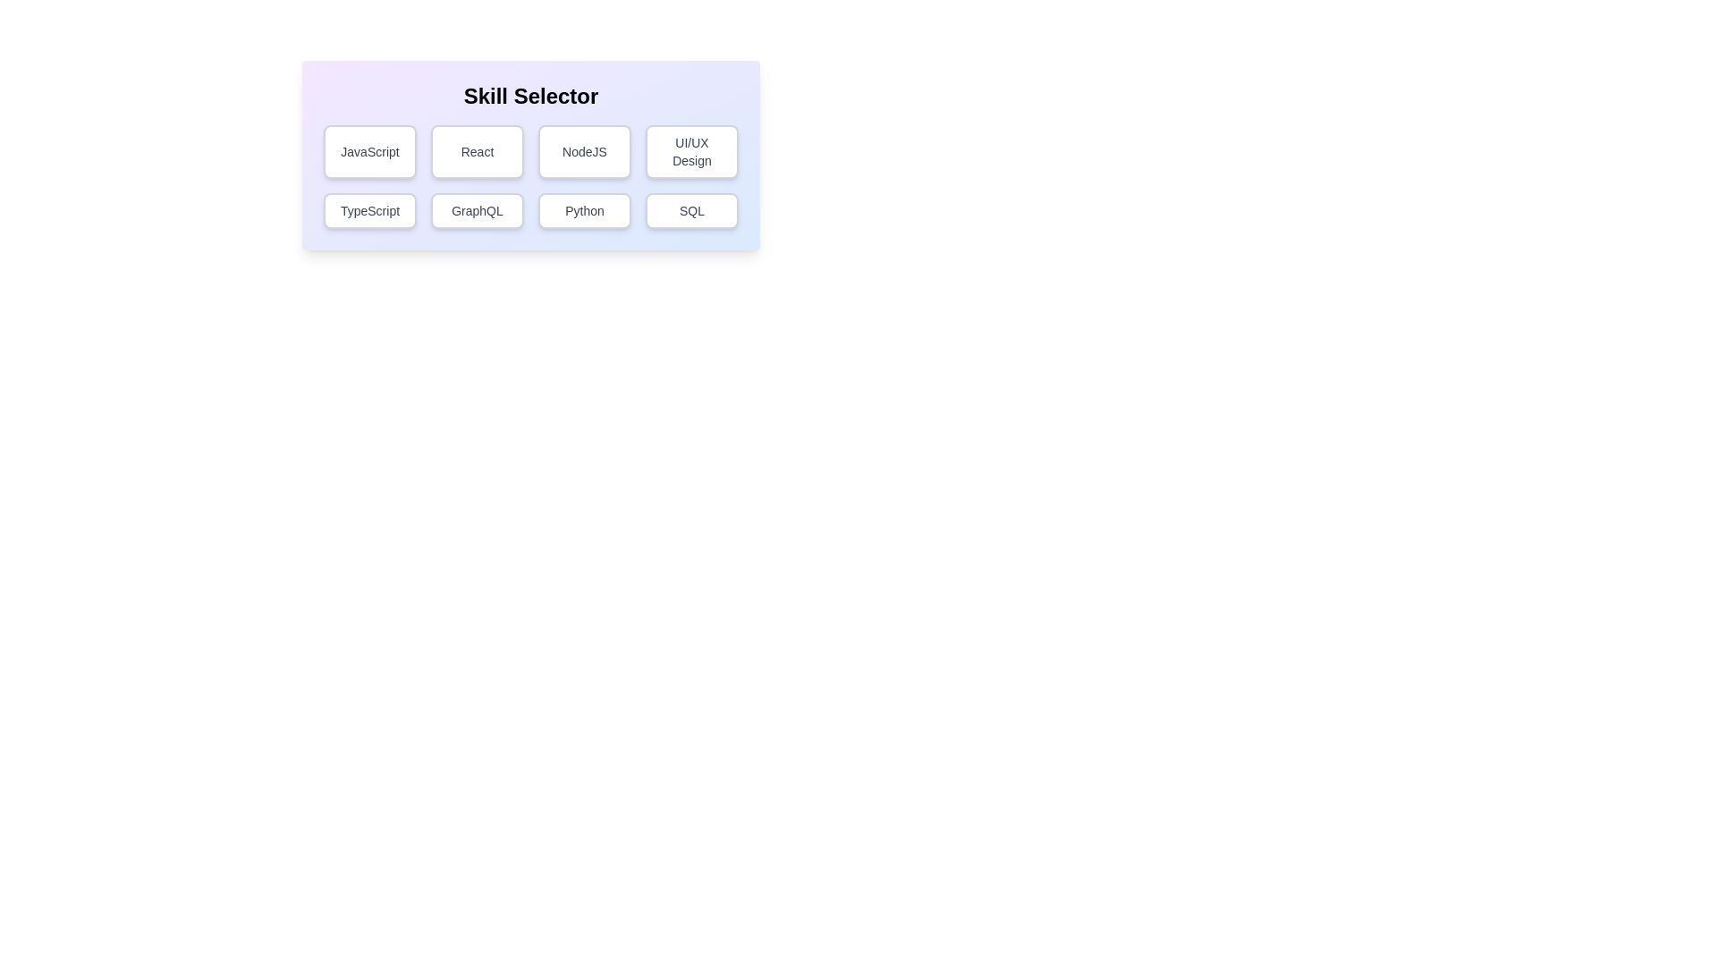 Image resolution: width=1717 pixels, height=966 pixels. Describe the element at coordinates (368, 150) in the screenshot. I see `the skill button labeled JavaScript to observe hover effects` at that location.